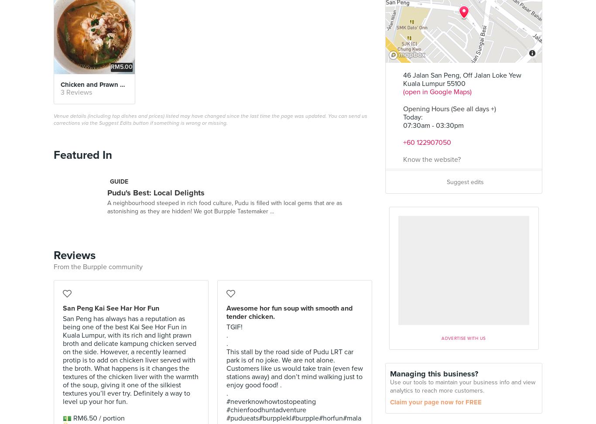  Describe the element at coordinates (465, 182) in the screenshot. I see `'Suggest edits'` at that location.